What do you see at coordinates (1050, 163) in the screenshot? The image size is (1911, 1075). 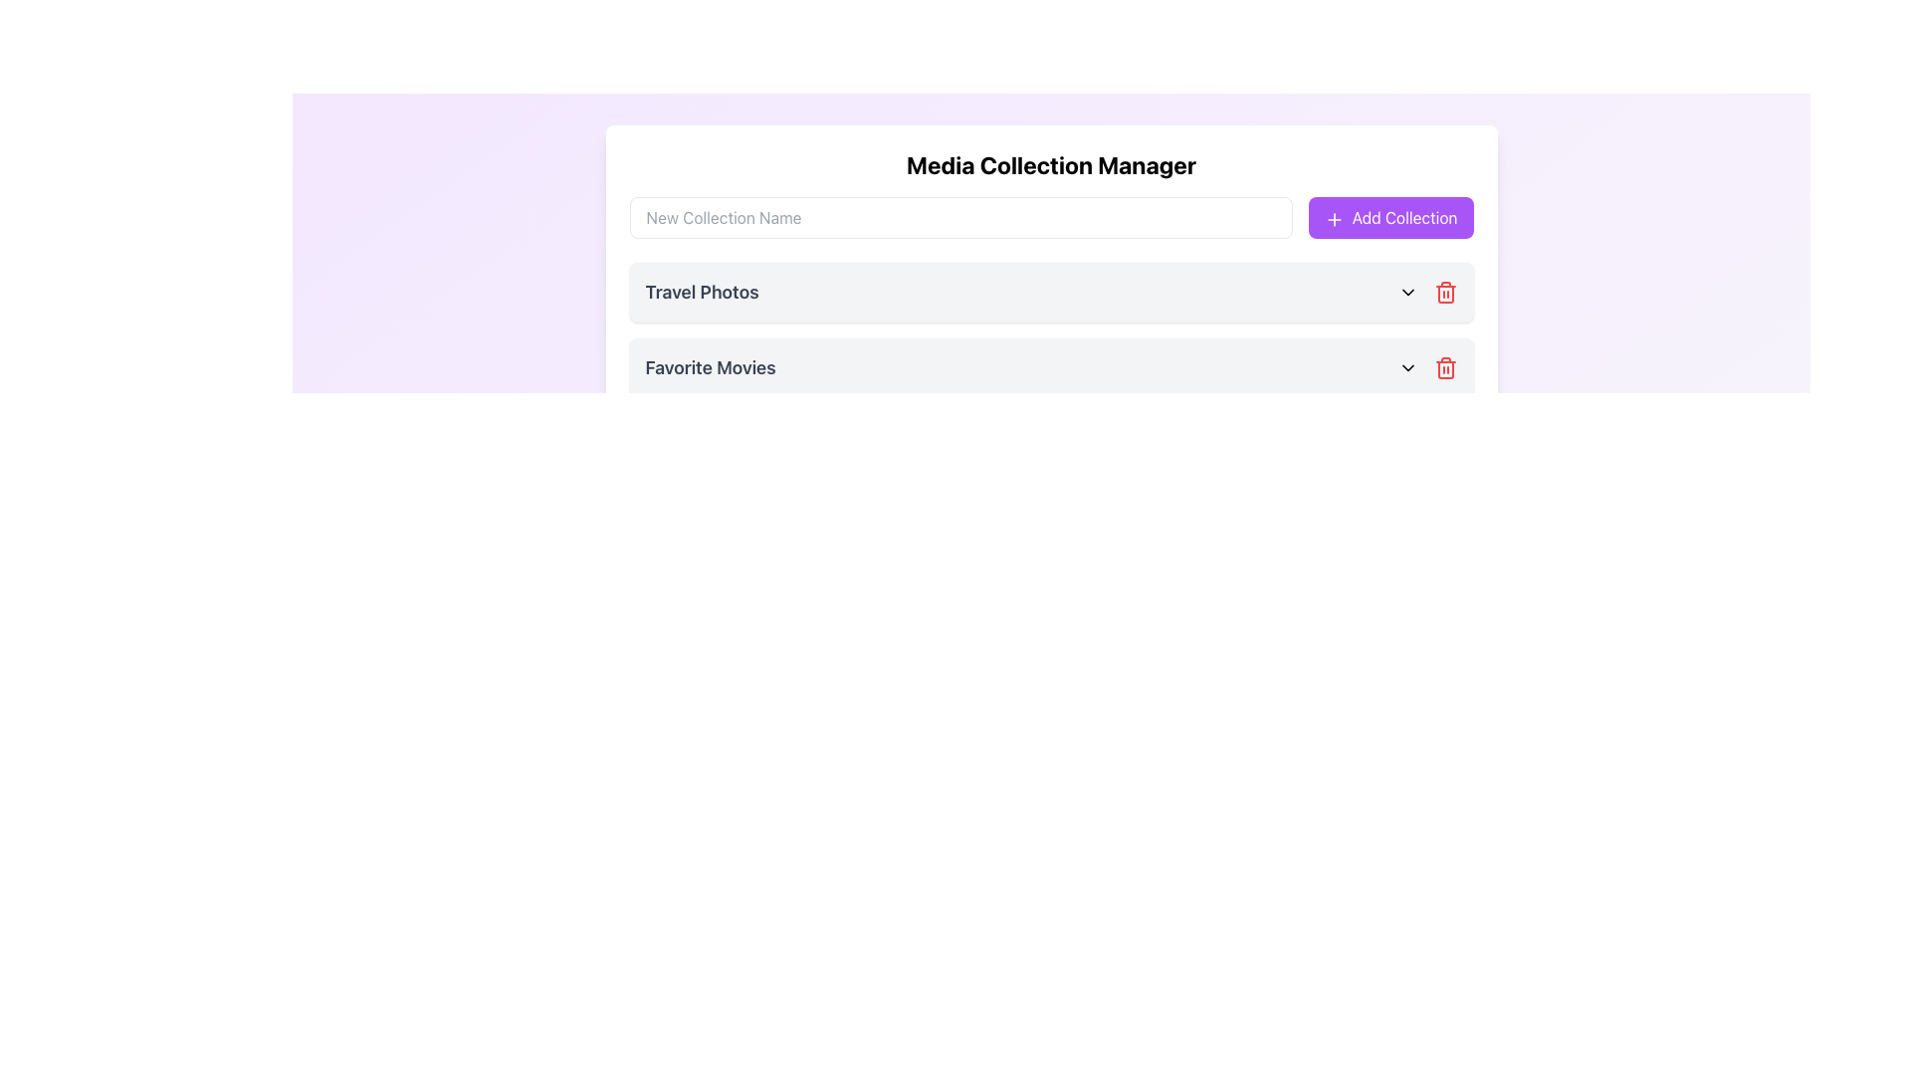 I see `the heading labeled 'Media Collection Manager', which is centrally aligned at the top of the content area` at bounding box center [1050, 163].